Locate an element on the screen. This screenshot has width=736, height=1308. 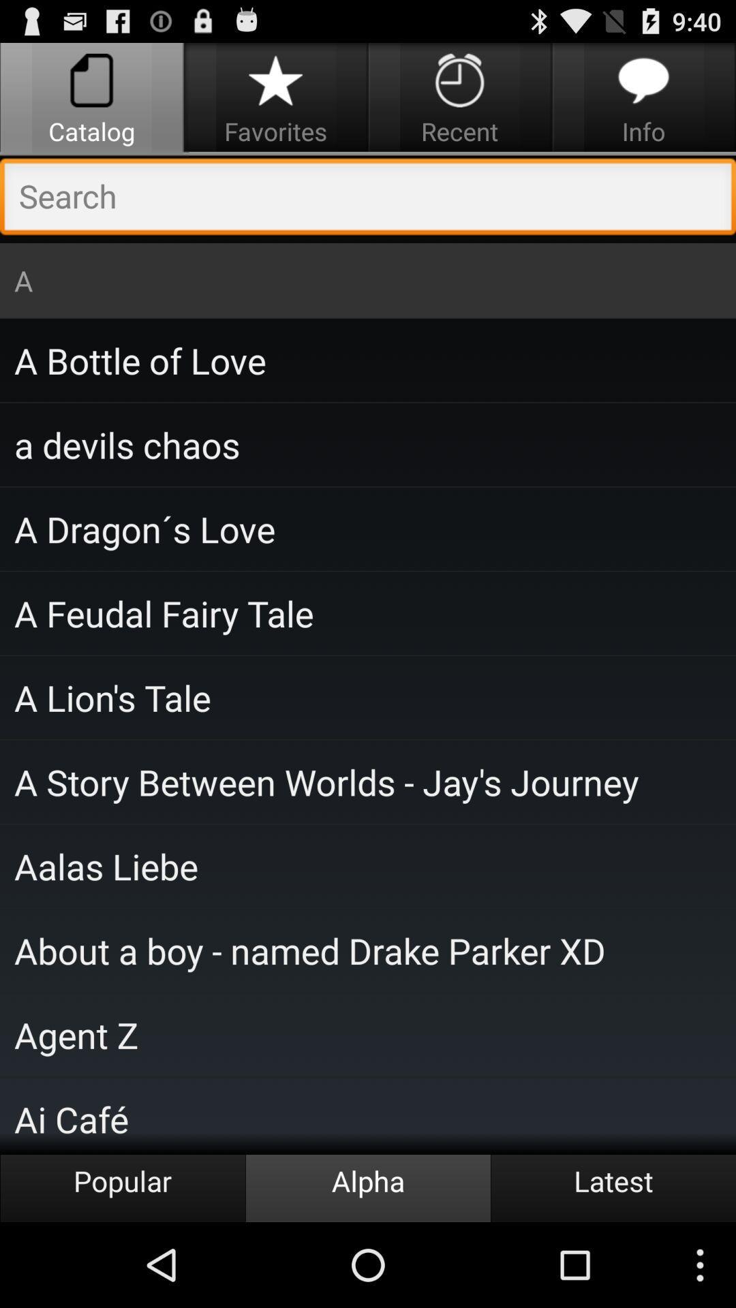
icon above popular icon is located at coordinates (368, 1115).